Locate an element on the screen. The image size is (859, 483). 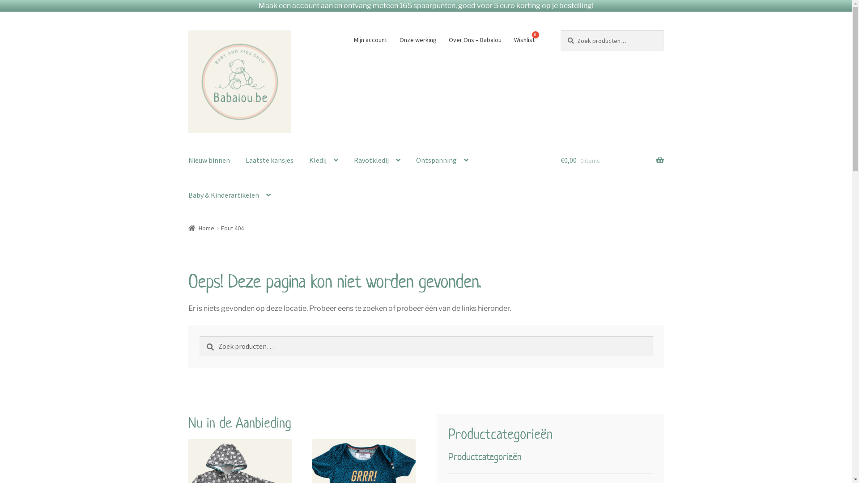
'Ontspanning' is located at coordinates (442, 160).